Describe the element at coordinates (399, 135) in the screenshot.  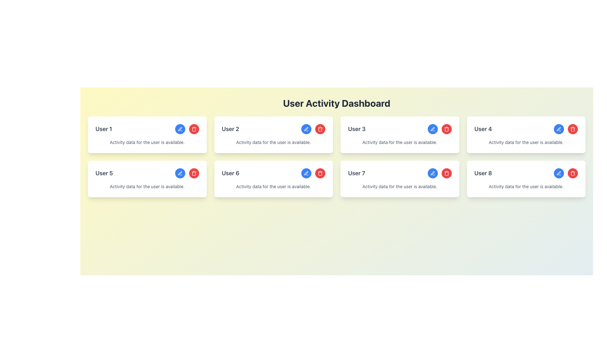
I see `the user activity card located in the top row, third column of the grid layout` at that location.